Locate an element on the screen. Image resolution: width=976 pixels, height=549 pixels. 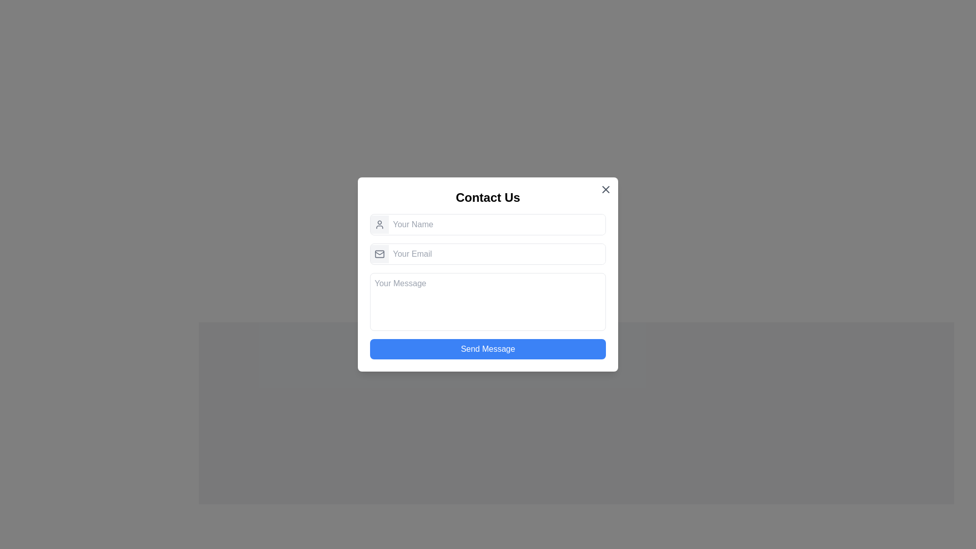
the user profile icon, which is a simplified person figure with rounded corners and a gray stroke, located within the 'Contact Us' form at the top left of the 'Your Name' input field is located at coordinates (379, 224).